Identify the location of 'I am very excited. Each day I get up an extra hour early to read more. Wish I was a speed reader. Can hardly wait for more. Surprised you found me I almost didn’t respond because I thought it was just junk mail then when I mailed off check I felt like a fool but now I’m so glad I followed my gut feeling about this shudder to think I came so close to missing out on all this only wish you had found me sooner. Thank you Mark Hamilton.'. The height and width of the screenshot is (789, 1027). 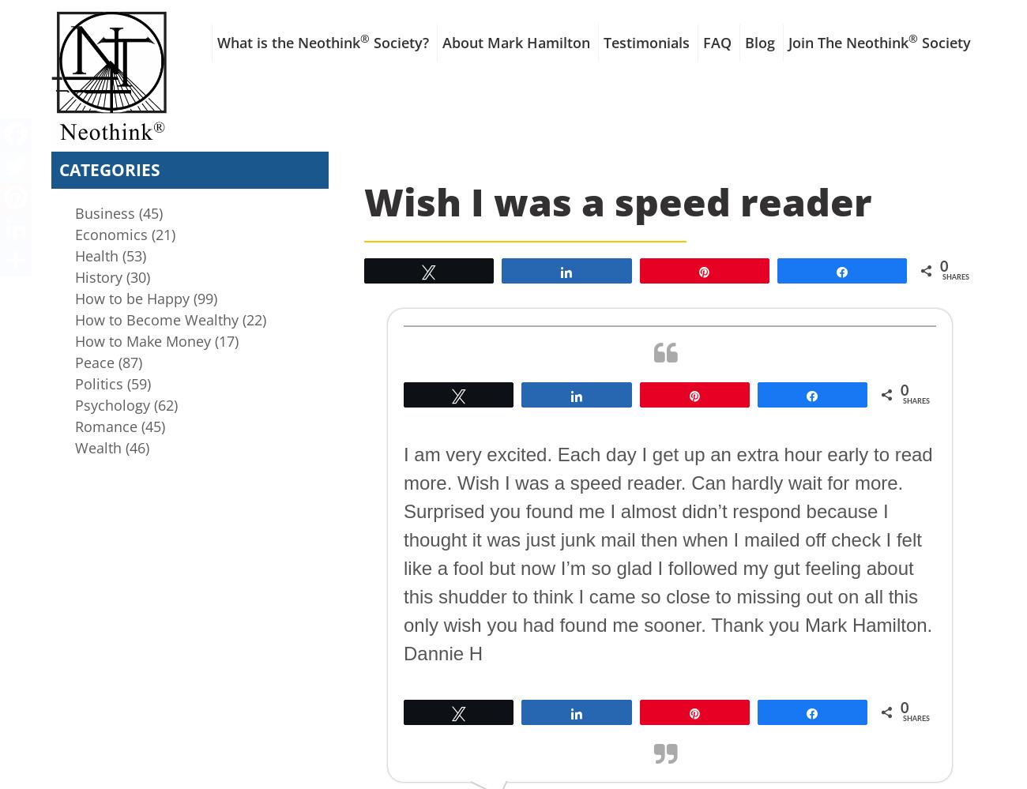
(668, 539).